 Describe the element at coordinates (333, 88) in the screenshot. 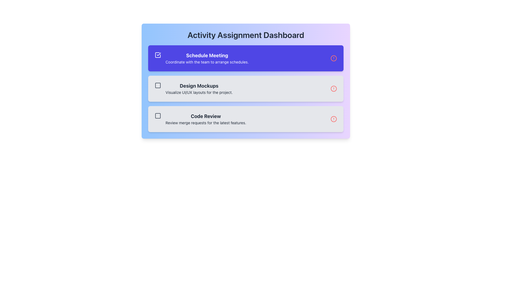

I see `the alert icon in the top-right corner of the 'Design Mockups' card` at that location.